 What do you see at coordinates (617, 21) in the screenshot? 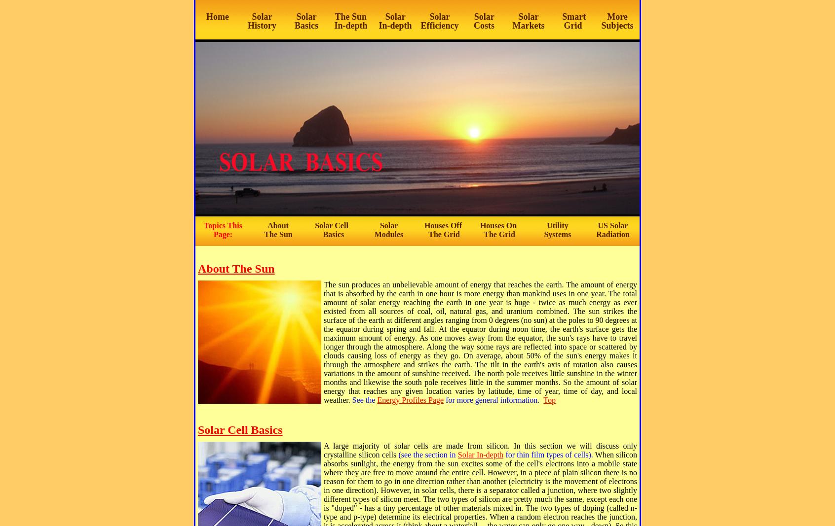
I see `'More   Subjects'` at bounding box center [617, 21].